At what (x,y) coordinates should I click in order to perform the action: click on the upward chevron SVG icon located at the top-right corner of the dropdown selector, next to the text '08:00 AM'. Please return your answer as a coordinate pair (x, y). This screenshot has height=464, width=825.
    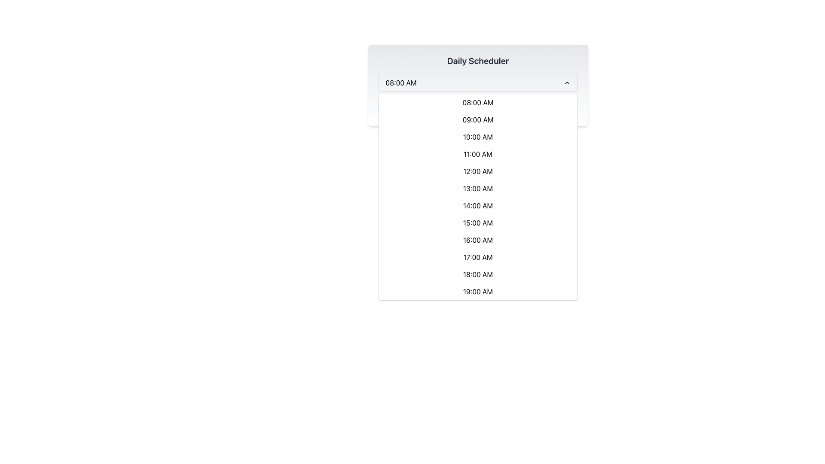
    Looking at the image, I should click on (567, 82).